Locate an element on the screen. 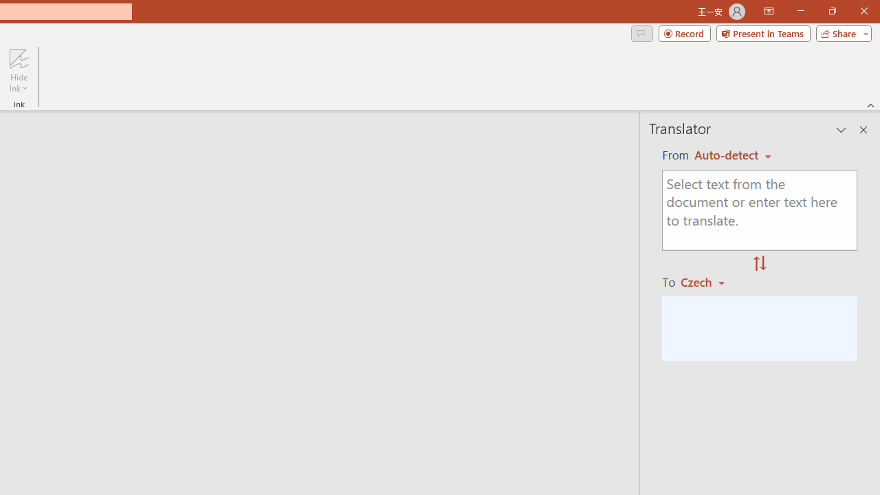 The width and height of the screenshot is (880, 495). 'Swap "from" and "to" languages.' is located at coordinates (759, 264).